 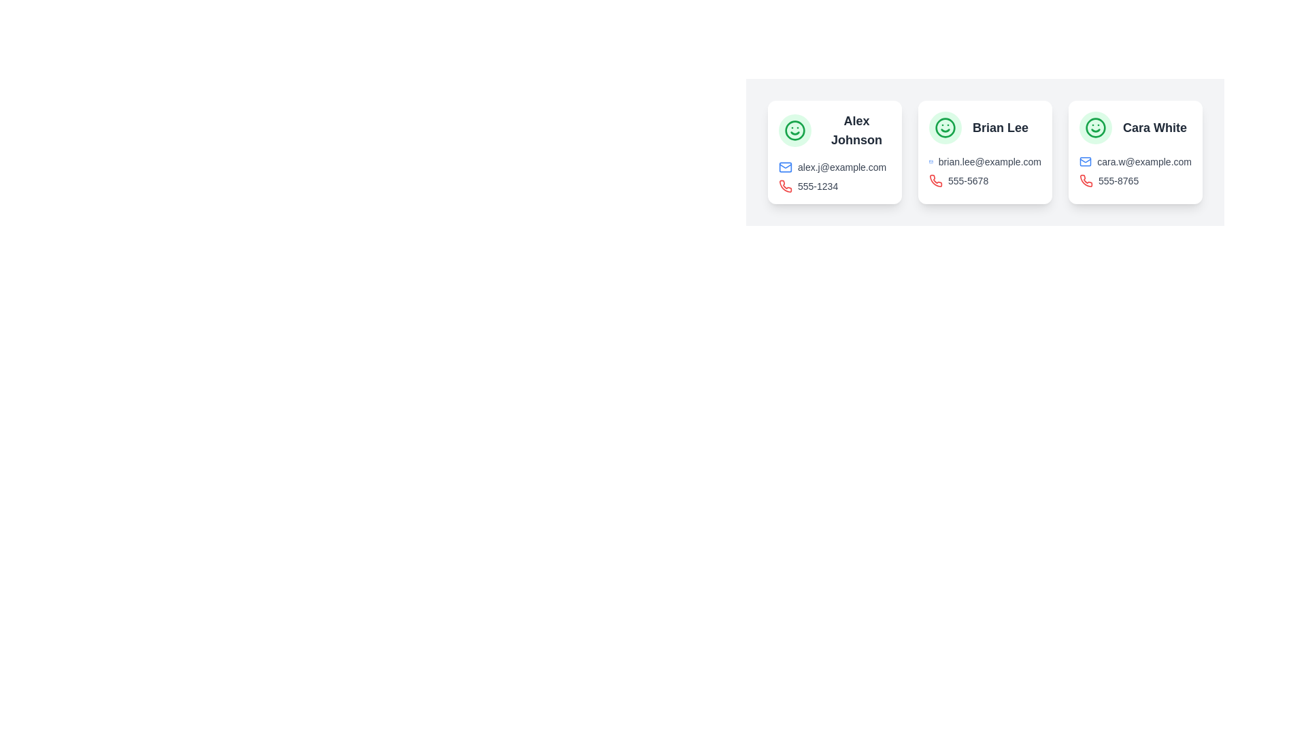 I want to click on the phone icon located in the rightmost contact card, which signifies the phone number '555-8765' and is positioned to the left of it, so click(x=1086, y=180).